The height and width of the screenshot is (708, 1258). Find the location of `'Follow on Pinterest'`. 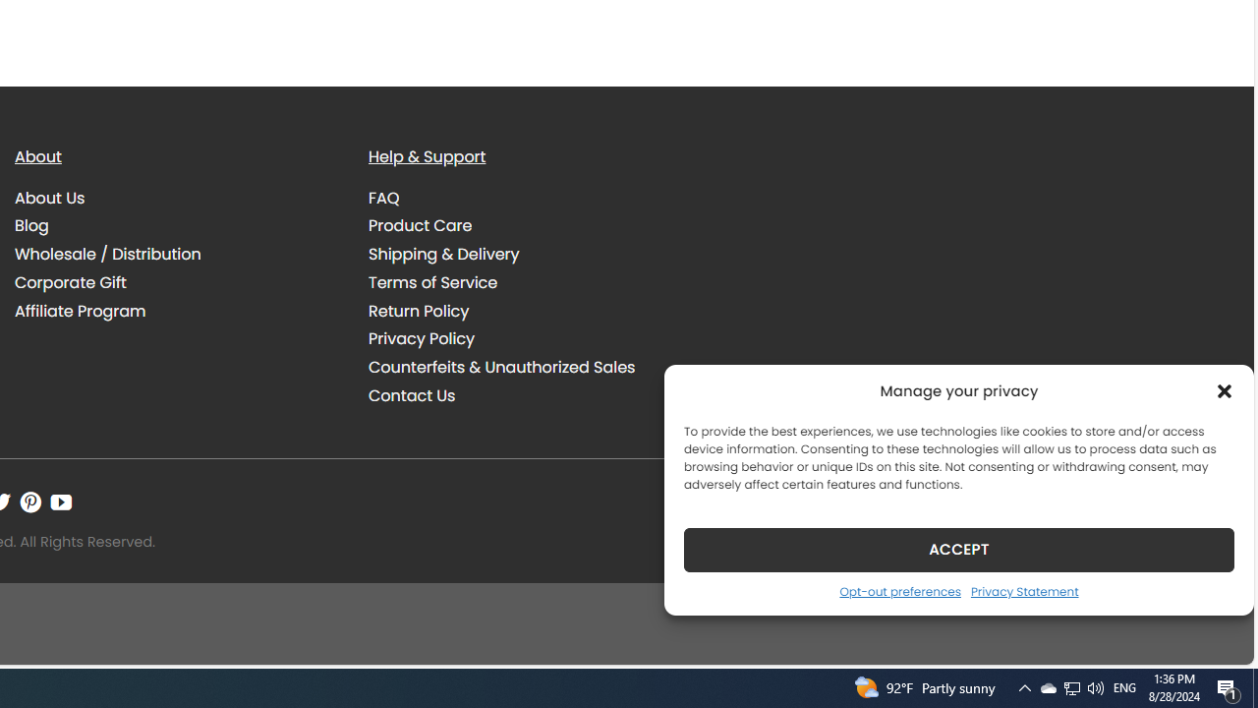

'Follow on Pinterest' is located at coordinates (30, 501).